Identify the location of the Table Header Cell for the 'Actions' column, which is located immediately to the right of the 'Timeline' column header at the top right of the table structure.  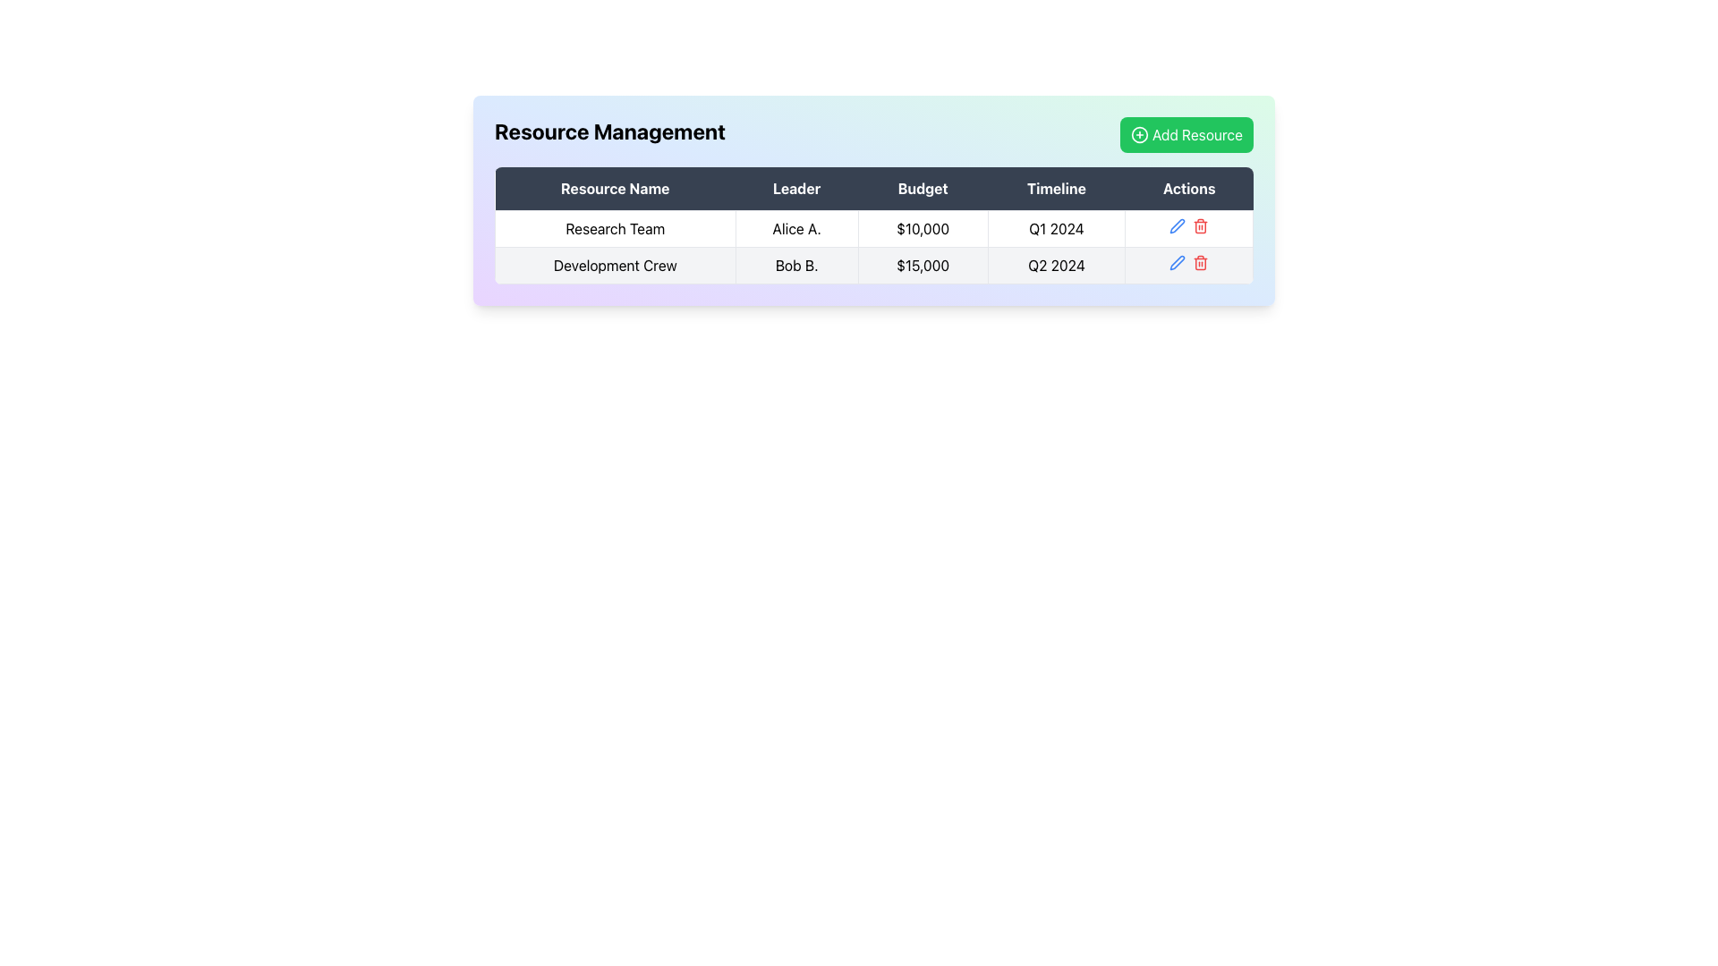
(1189, 189).